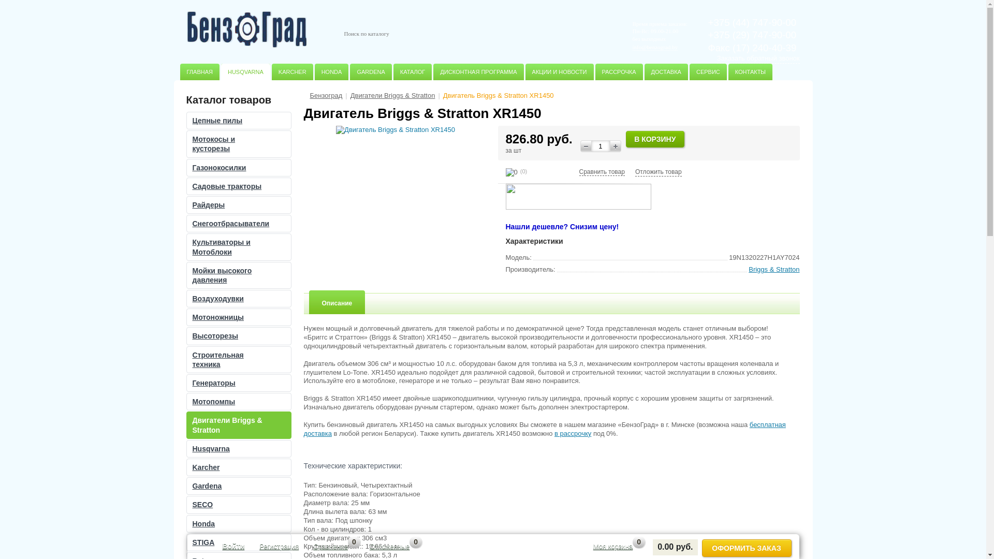 The height and width of the screenshot is (559, 994). I want to click on 'STIGA', so click(186, 542).